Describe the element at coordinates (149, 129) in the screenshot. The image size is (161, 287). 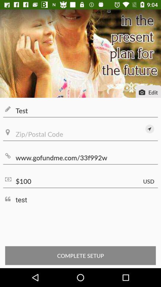
I see `icon above the www gofundme com` at that location.